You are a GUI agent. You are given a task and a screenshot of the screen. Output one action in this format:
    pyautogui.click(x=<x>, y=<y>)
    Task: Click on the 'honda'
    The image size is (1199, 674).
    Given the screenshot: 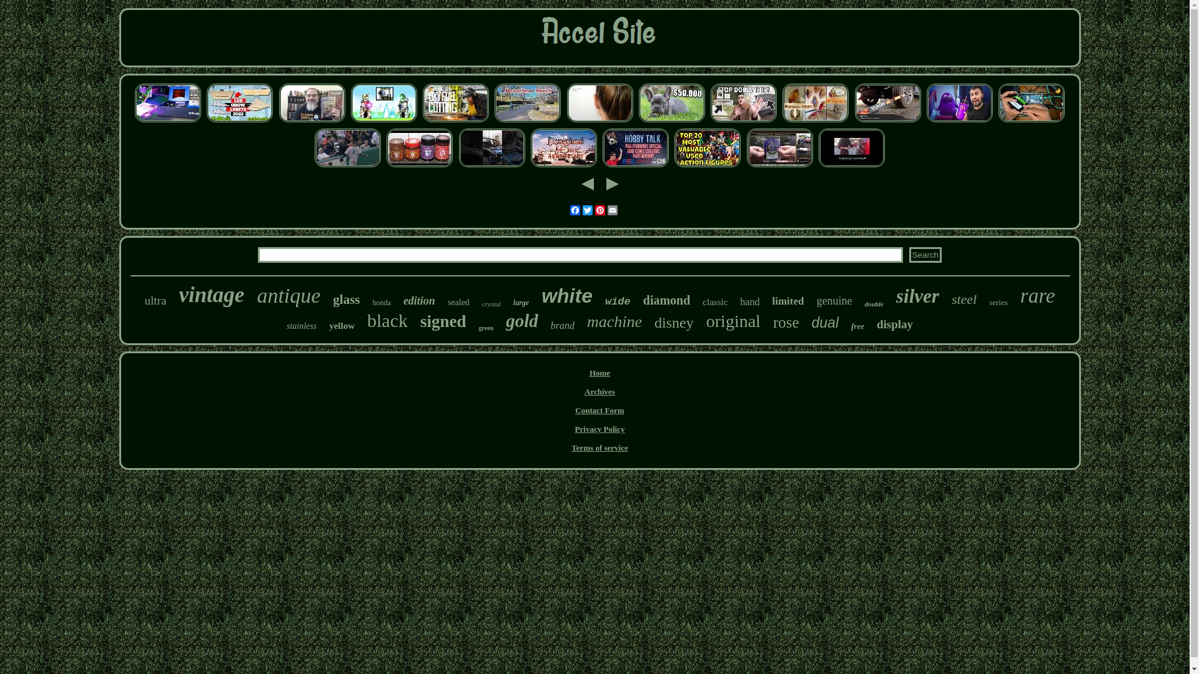 What is the action you would take?
    pyautogui.click(x=381, y=303)
    